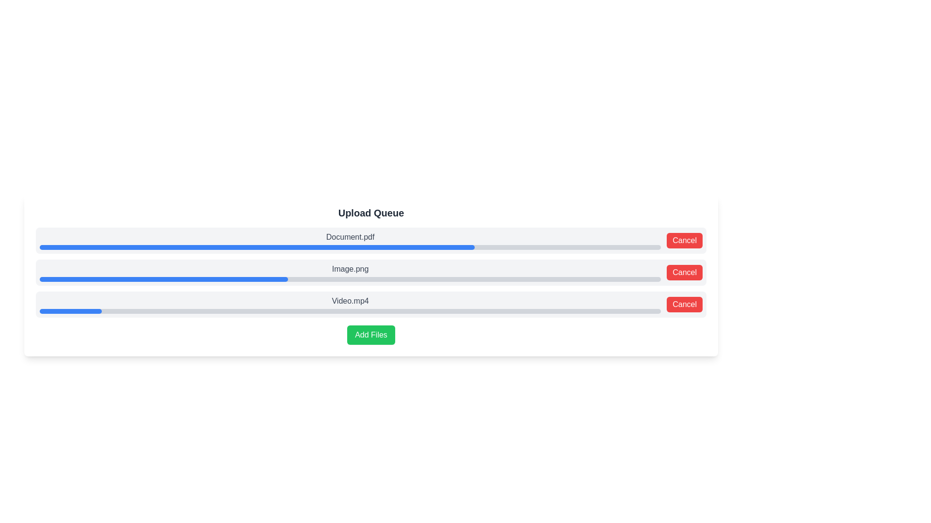 This screenshot has width=931, height=523. What do you see at coordinates (370, 273) in the screenshot?
I see `the progress bar of the composite UI element containing the label 'Image.png' and the 'Cancel' button` at bounding box center [370, 273].